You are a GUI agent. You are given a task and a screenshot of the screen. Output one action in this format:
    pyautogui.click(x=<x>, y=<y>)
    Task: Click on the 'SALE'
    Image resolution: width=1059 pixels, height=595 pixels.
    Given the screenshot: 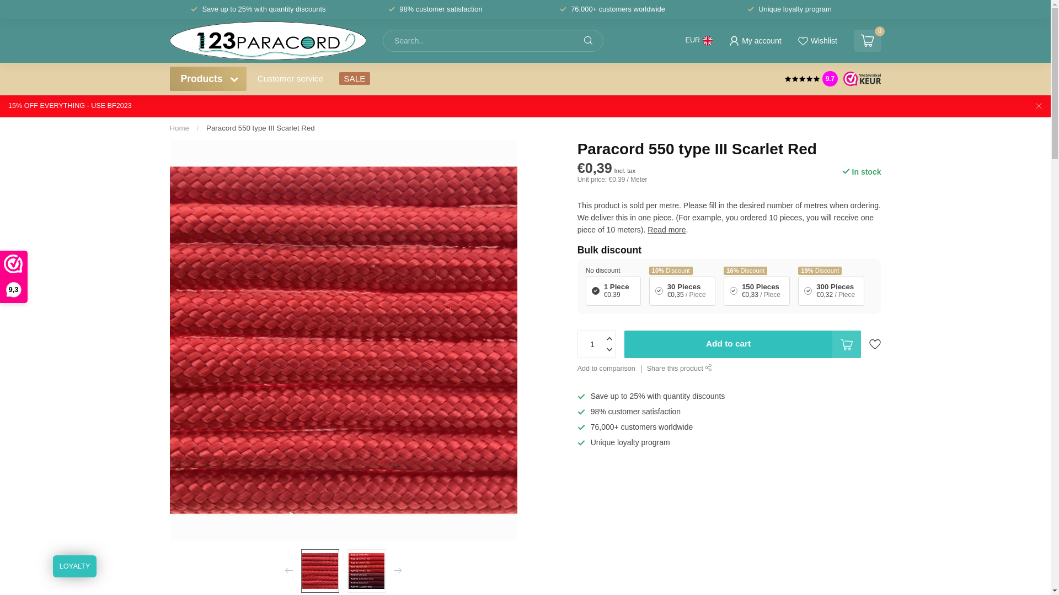 What is the action you would take?
    pyautogui.click(x=354, y=78)
    